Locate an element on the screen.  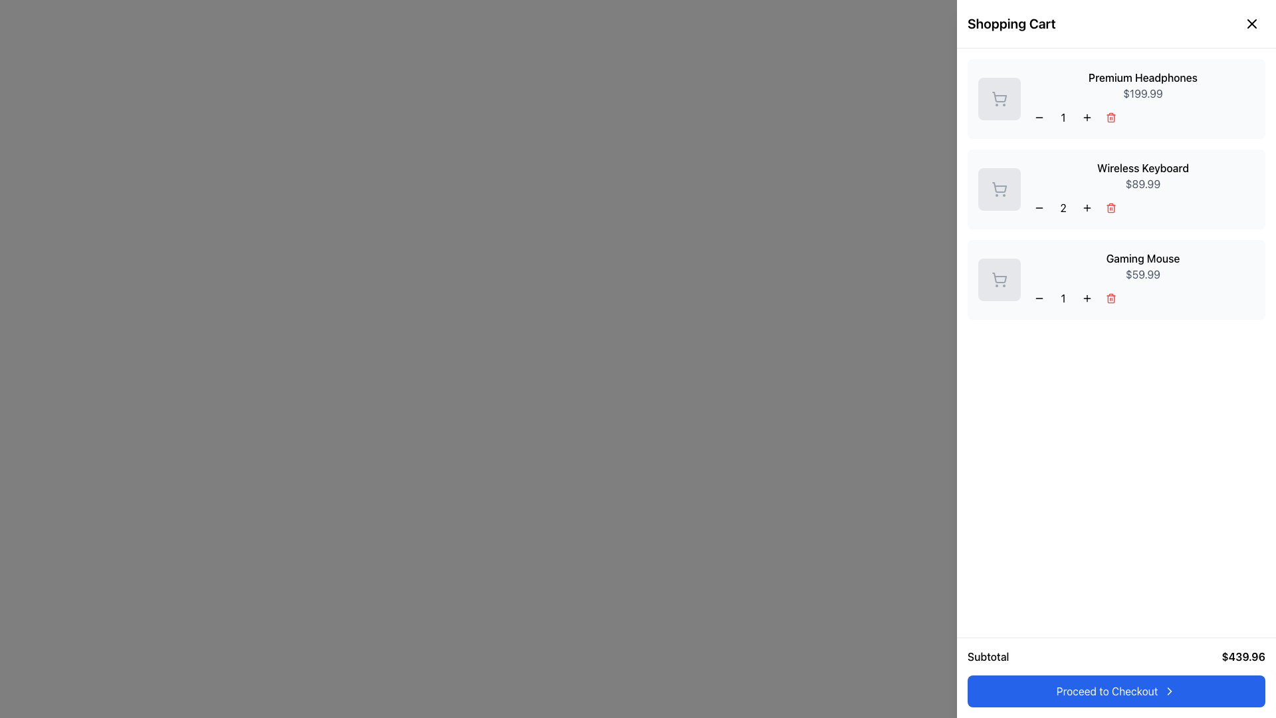
the displayed quantity '2' in the quantity adjustment interface for the item 'Wireless Keyboard' priced at $89.99 is located at coordinates (1142, 207).